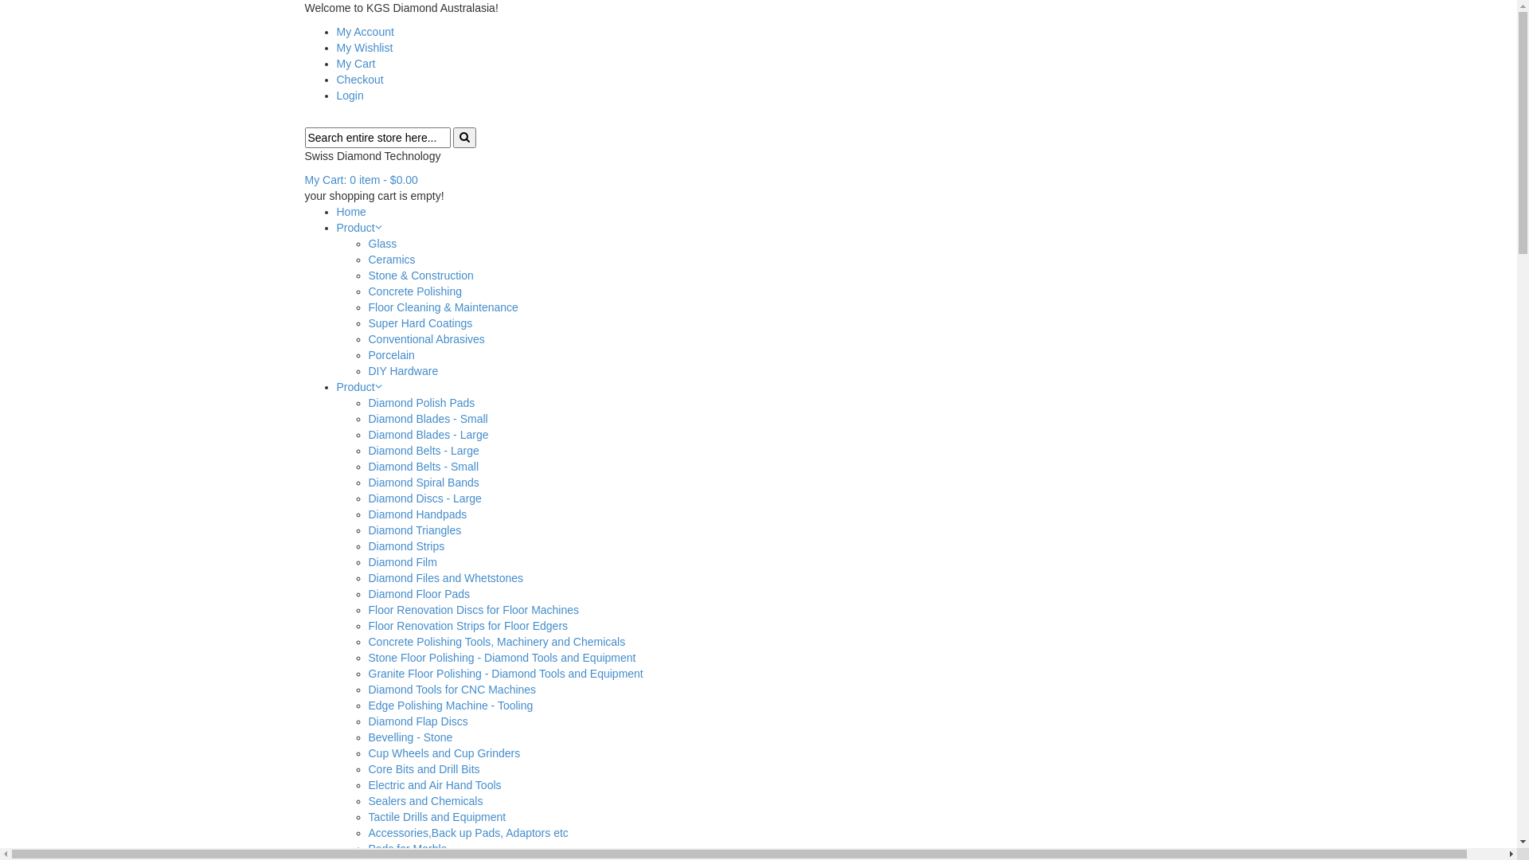  Describe the element at coordinates (449, 705) in the screenshot. I see `'Edge Polishing Machine - Tooling'` at that location.